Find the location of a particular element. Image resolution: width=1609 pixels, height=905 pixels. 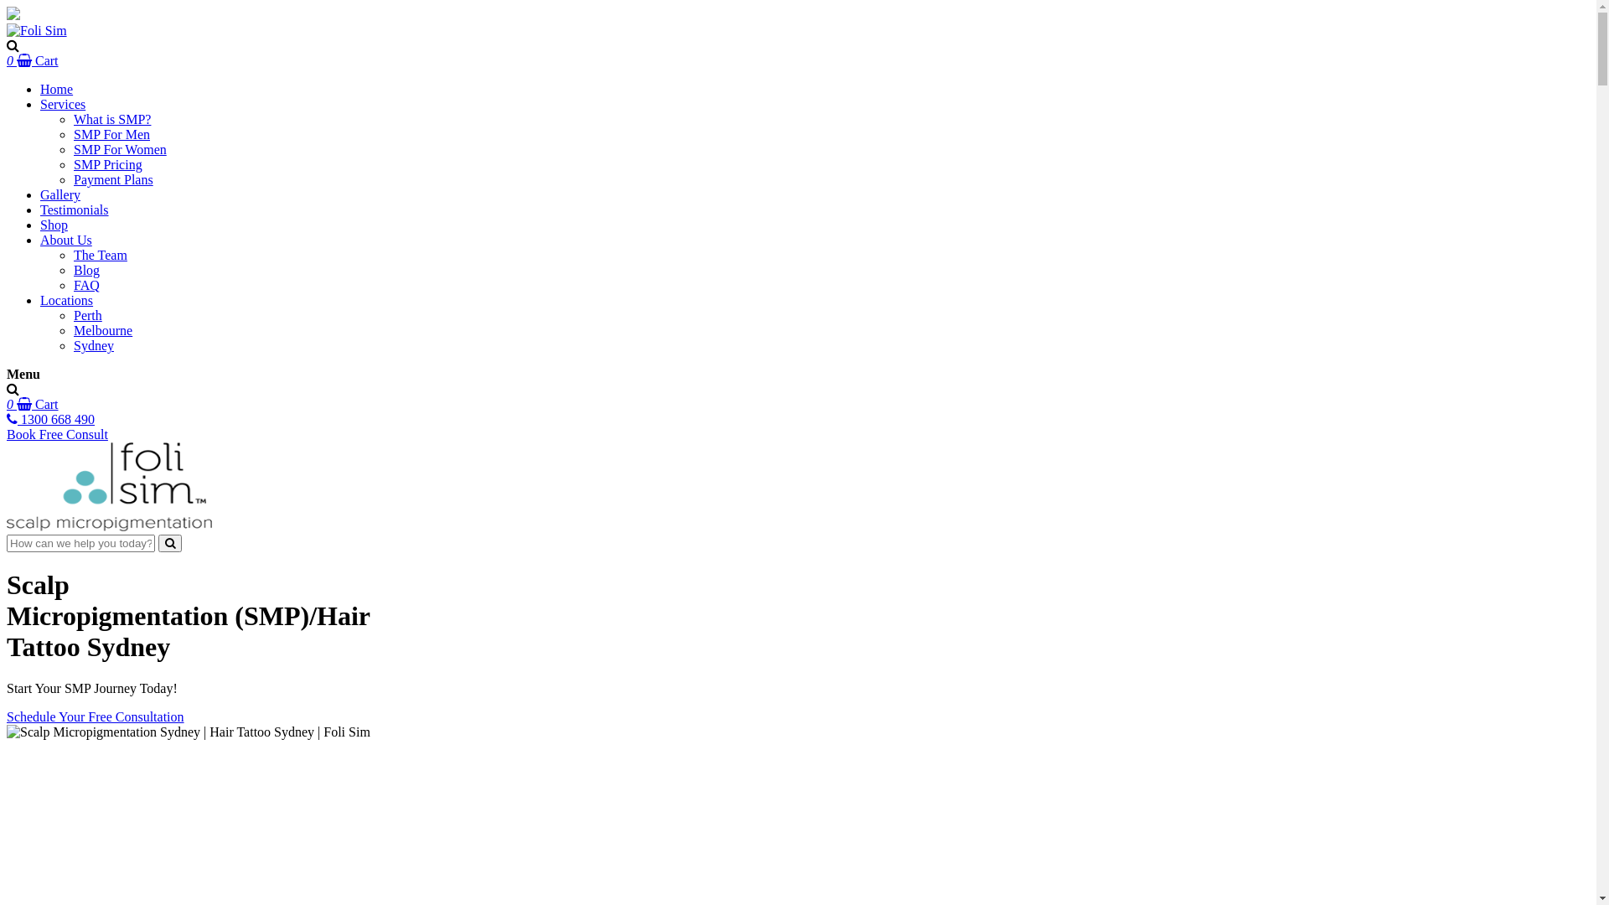

'Book Free Consult' is located at coordinates (57, 433).